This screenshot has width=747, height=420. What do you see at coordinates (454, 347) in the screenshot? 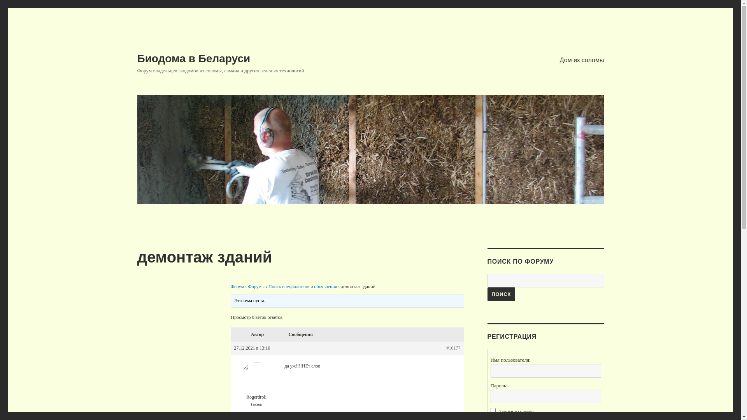
I see `'#10177'` at bounding box center [454, 347].